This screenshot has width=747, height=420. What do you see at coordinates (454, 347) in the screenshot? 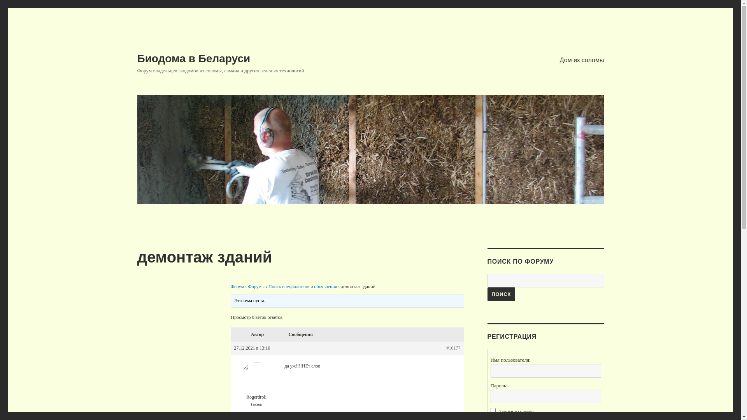
I see `'#10177'` at bounding box center [454, 347].